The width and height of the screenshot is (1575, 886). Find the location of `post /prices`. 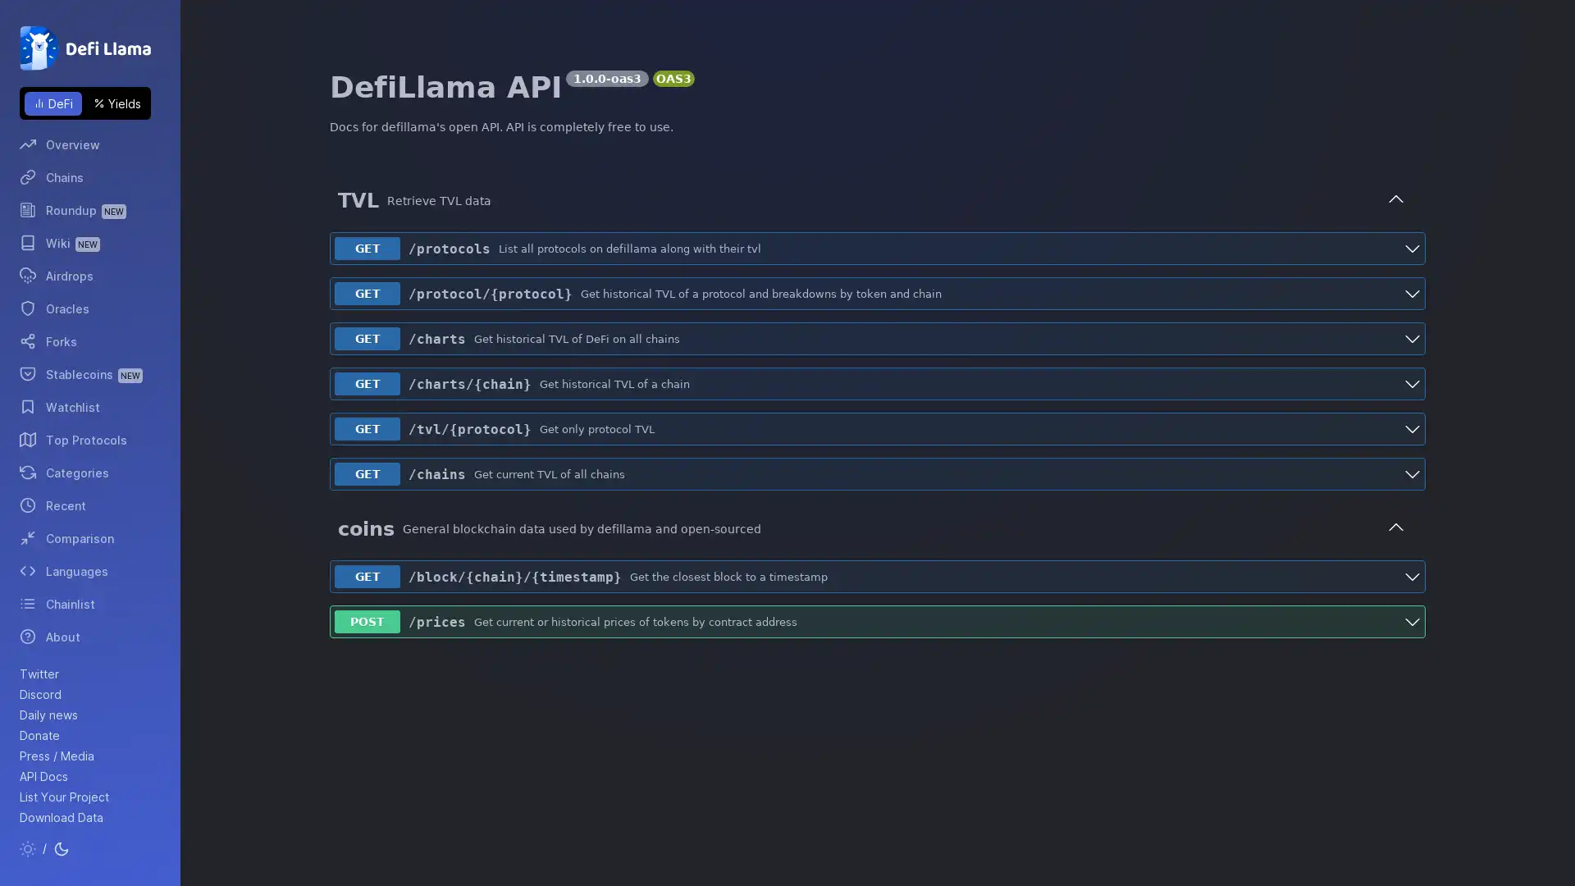

post /prices is located at coordinates (877, 622).